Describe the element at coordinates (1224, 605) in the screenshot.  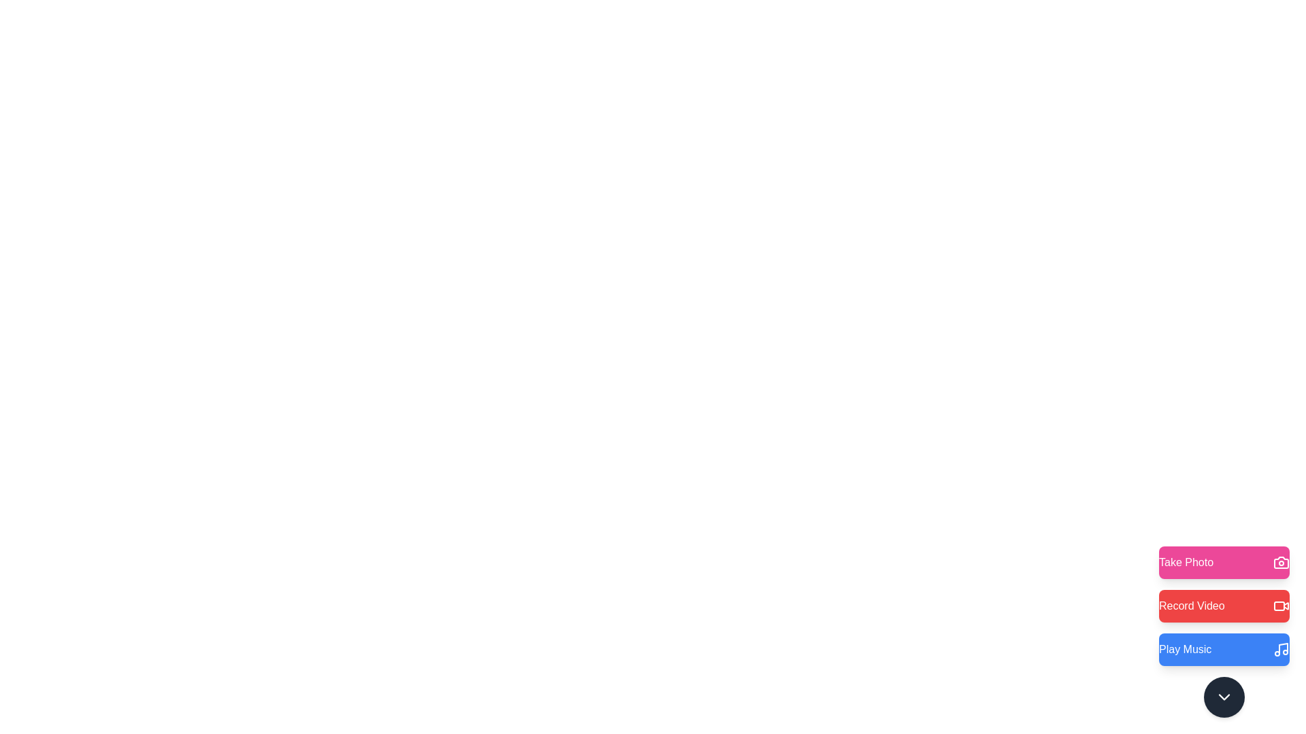
I see `the 'Record Video' button` at that location.